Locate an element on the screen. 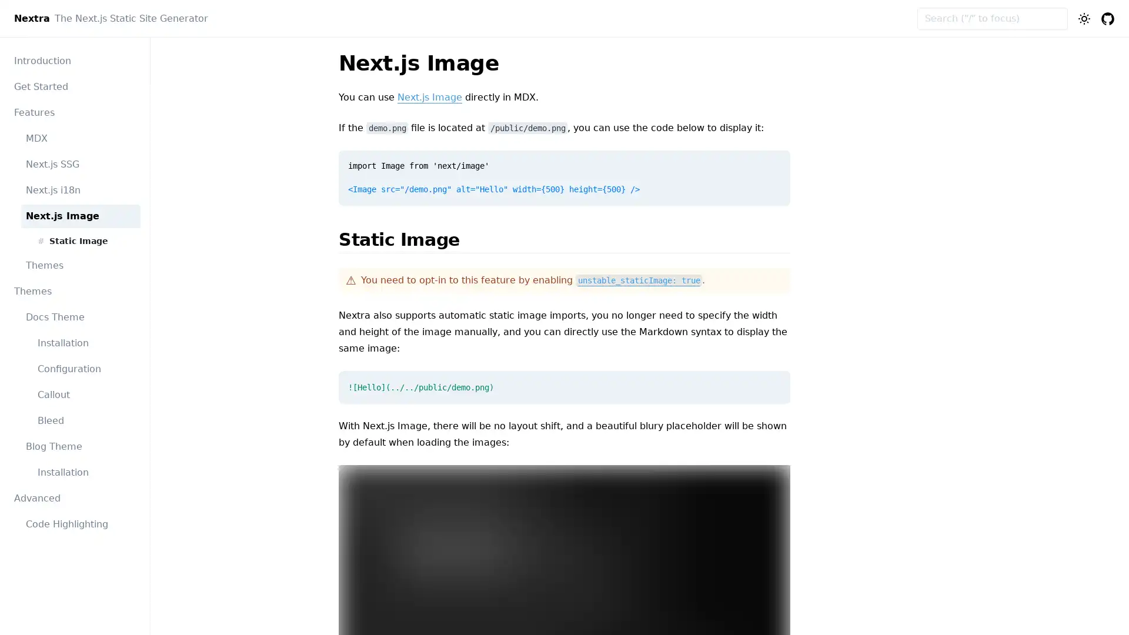 This screenshot has height=635, width=1129. Blog Theme is located at coordinates (80, 446).